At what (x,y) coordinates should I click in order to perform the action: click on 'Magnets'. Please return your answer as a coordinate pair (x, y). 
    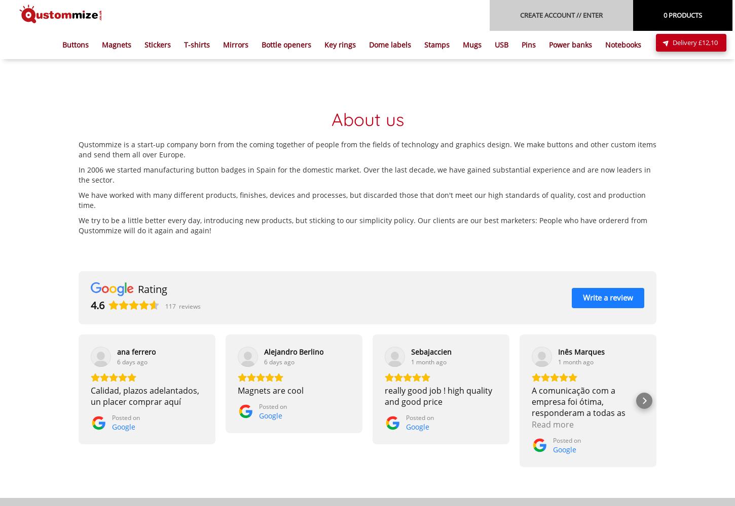
    Looking at the image, I should click on (116, 44).